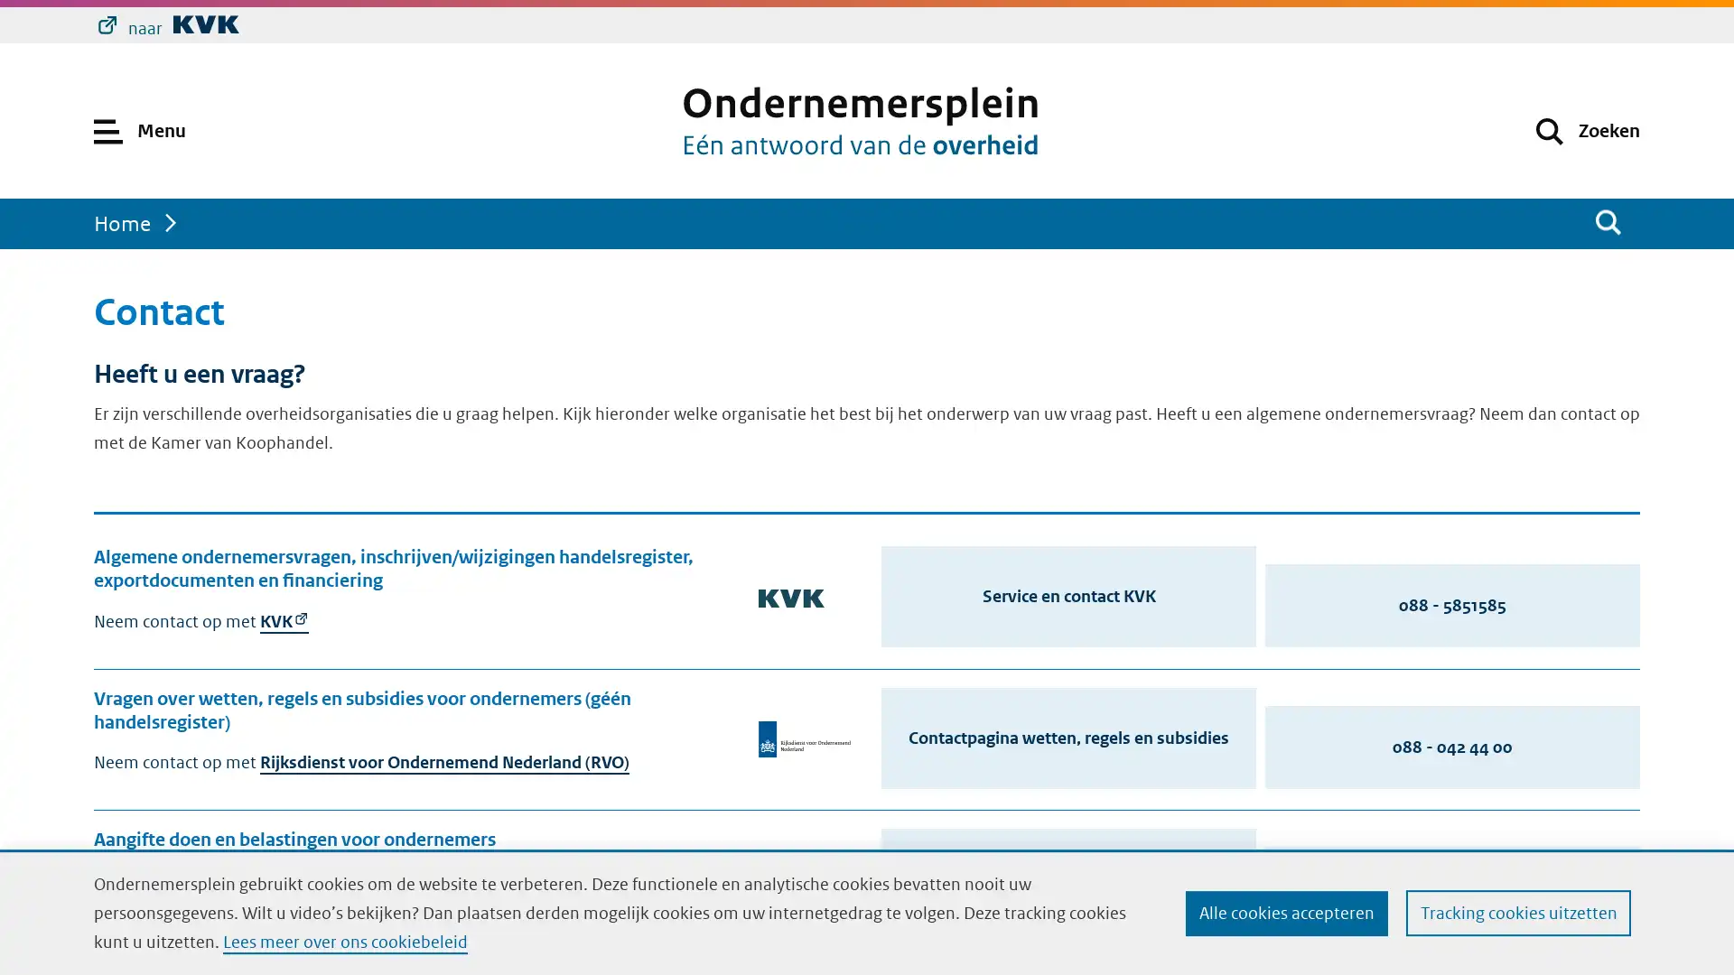 Image resolution: width=1734 pixels, height=975 pixels. What do you see at coordinates (1286, 913) in the screenshot?
I see `Alle cookies accepteren` at bounding box center [1286, 913].